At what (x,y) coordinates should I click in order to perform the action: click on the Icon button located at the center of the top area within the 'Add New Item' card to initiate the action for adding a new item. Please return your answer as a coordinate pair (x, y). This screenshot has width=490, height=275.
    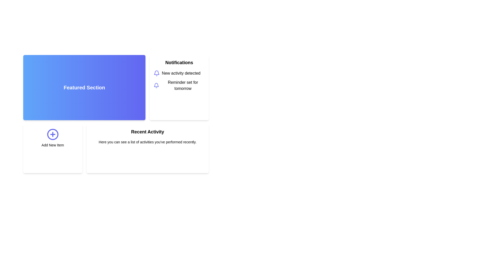
    Looking at the image, I should click on (53, 134).